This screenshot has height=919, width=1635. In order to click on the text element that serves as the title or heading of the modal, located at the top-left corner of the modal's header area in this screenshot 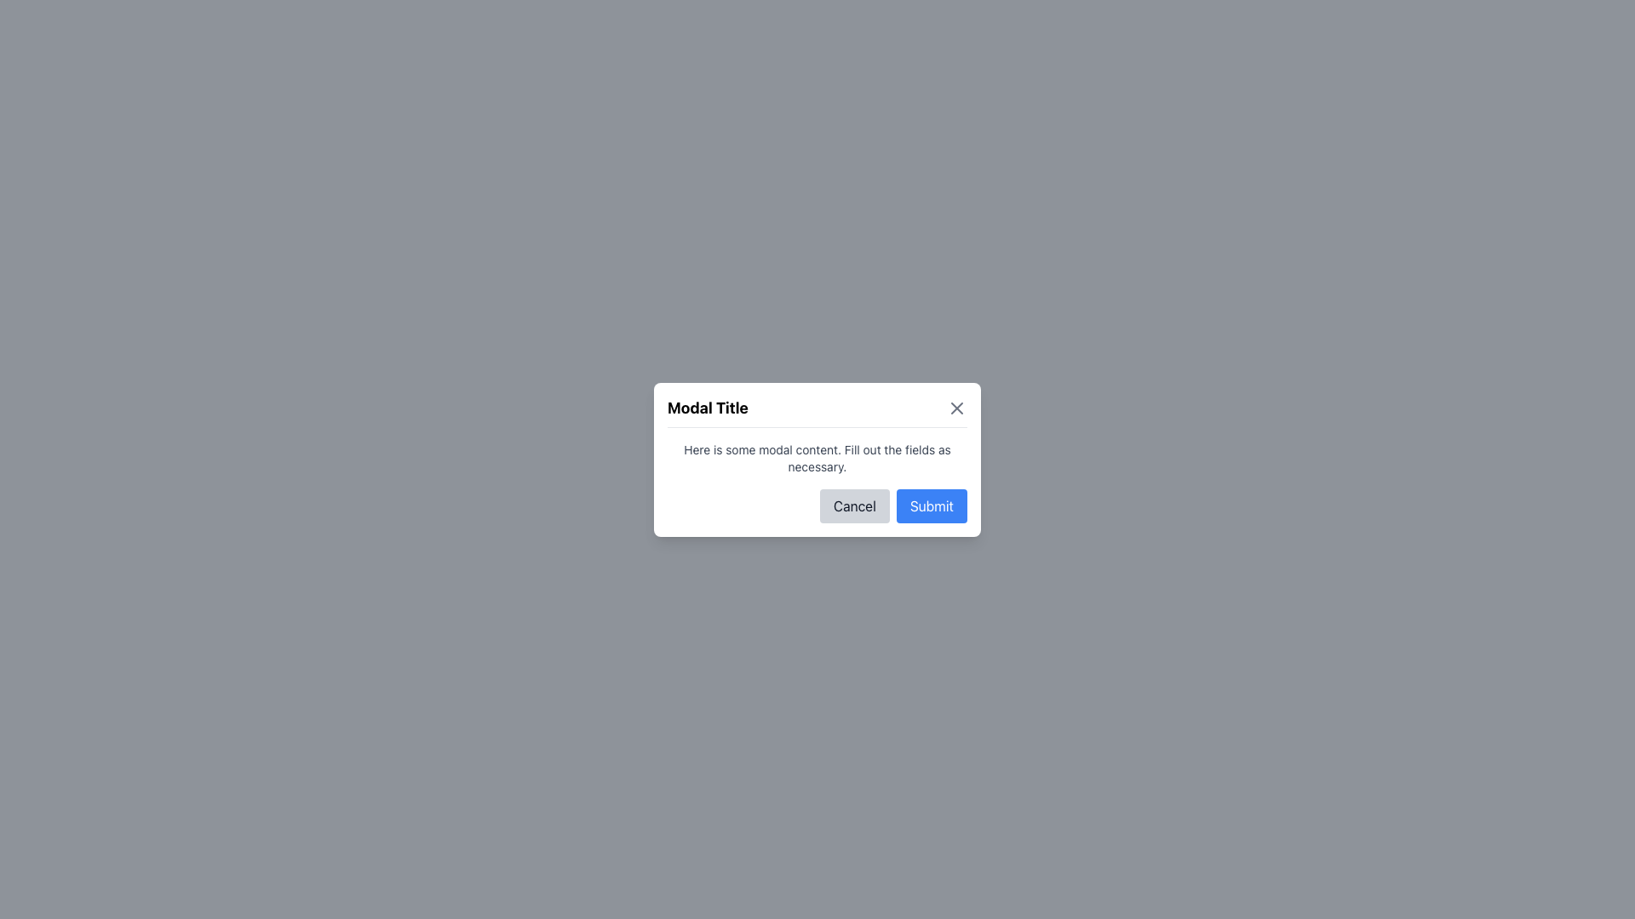, I will do `click(708, 408)`.